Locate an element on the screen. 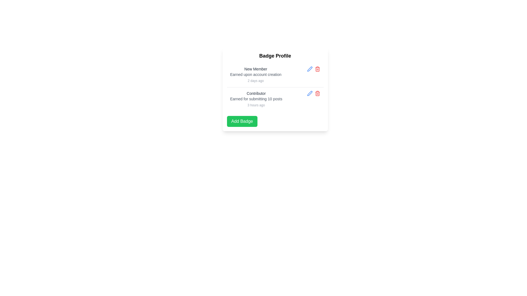 The image size is (527, 296). the static text label displaying '3 hours ago', which is positioned below the description text 'Earned for submitting 10 posts' and above the 'Add Badge' button is located at coordinates (256, 105).